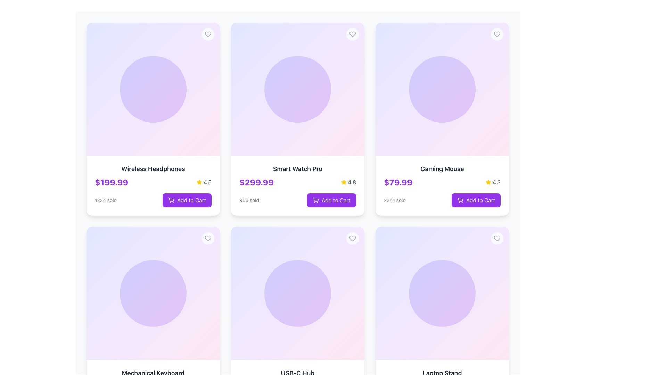 The height and width of the screenshot is (375, 667). I want to click on the circular 'like' button with a heart icon, so click(496, 238).